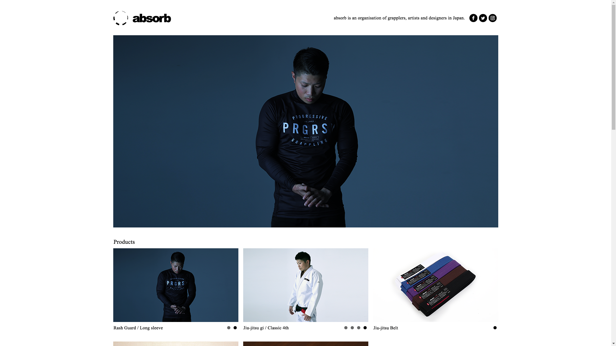 The image size is (616, 346). What do you see at coordinates (352, 327) in the screenshot?
I see `'3'` at bounding box center [352, 327].